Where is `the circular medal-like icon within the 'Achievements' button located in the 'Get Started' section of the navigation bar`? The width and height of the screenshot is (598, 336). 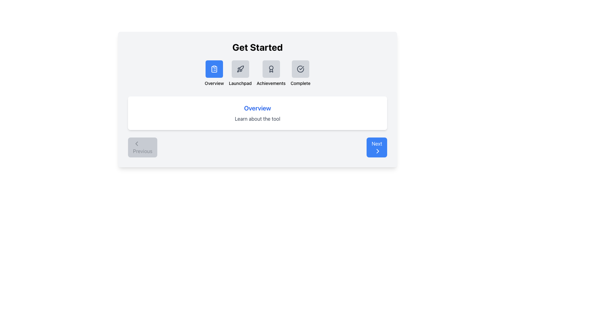 the circular medal-like icon within the 'Achievements' button located in the 'Get Started' section of the navigation bar is located at coordinates (271, 69).